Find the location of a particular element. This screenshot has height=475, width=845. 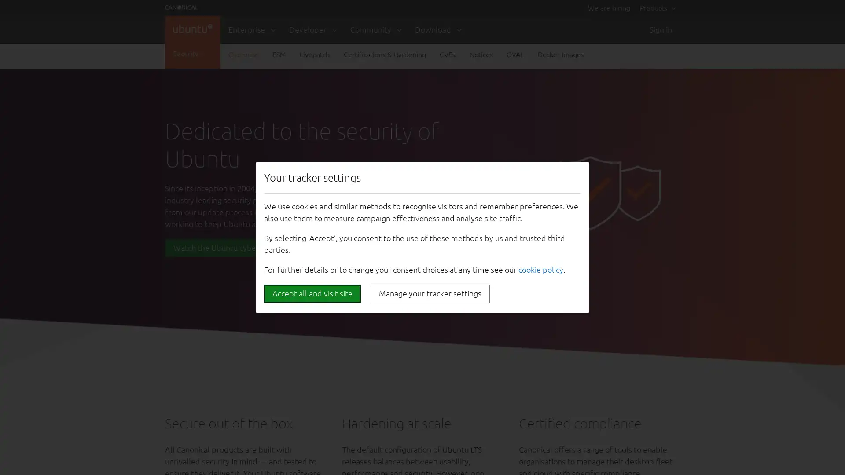

Accept all and visit site is located at coordinates (312, 293).